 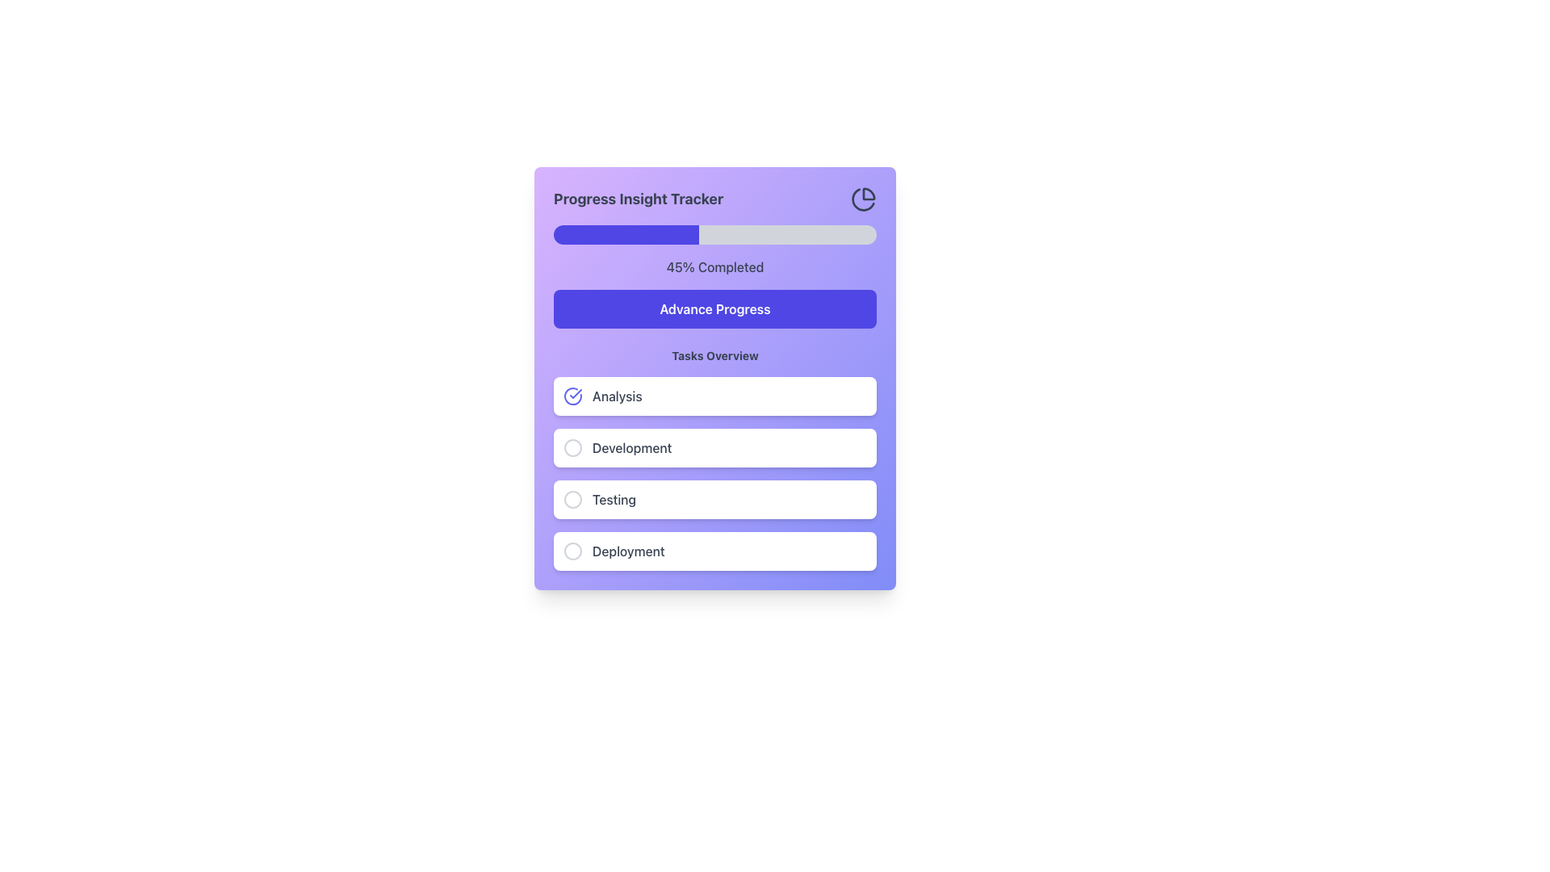 What do you see at coordinates (714, 266) in the screenshot?
I see `the text display component that shows '45% Completed', which is centered within a rectangular card above the 'Advance Progress' button` at bounding box center [714, 266].